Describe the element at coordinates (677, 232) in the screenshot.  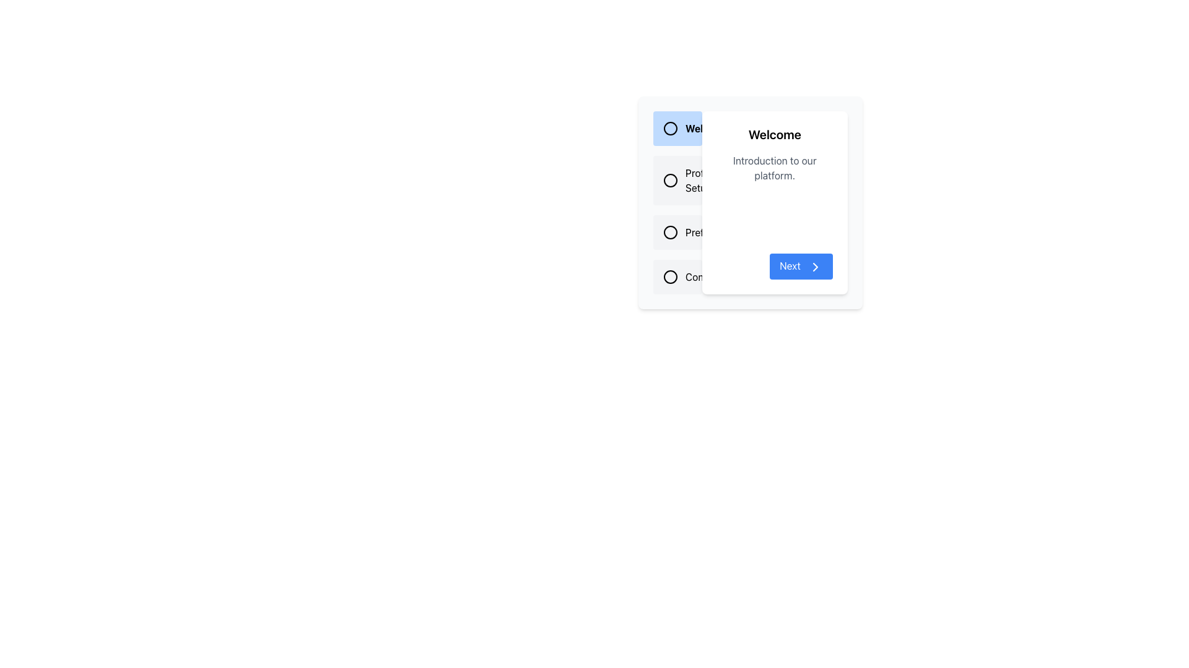
I see `the third radio button labeled 'Preferences' in the vertical list and select it by pressing space` at that location.